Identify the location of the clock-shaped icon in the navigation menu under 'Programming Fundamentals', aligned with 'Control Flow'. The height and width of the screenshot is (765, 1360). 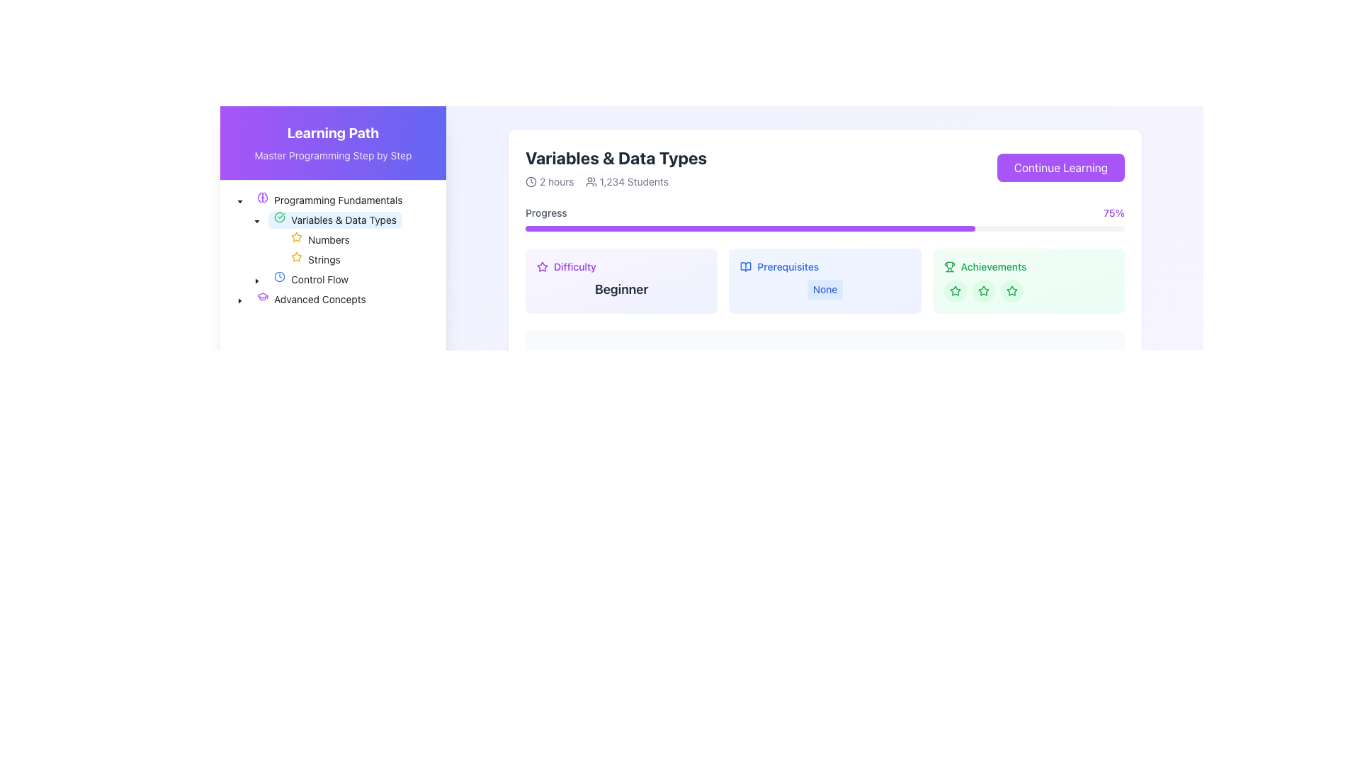
(279, 276).